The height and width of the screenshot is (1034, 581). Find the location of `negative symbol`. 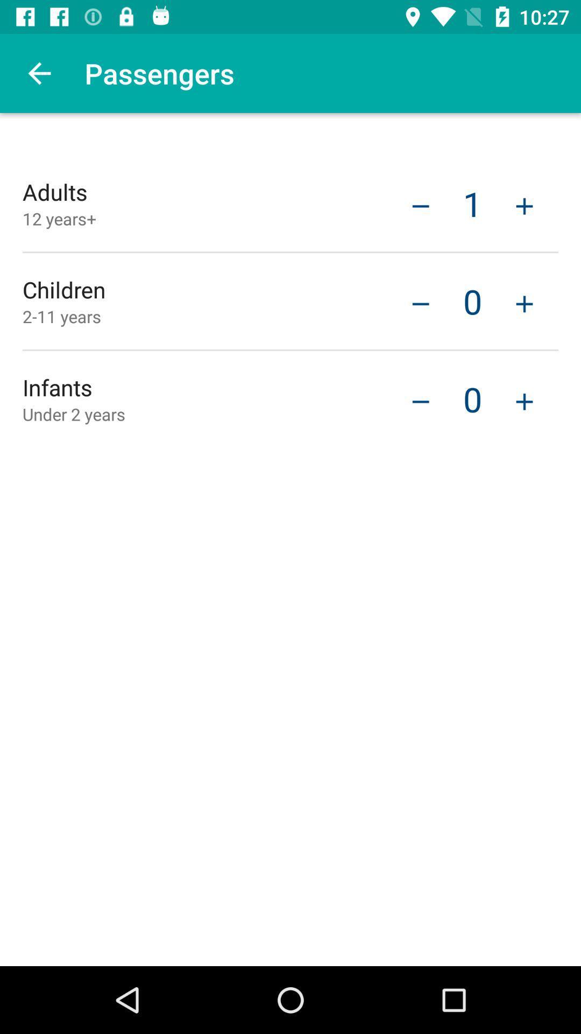

negative symbol is located at coordinates (420, 205).